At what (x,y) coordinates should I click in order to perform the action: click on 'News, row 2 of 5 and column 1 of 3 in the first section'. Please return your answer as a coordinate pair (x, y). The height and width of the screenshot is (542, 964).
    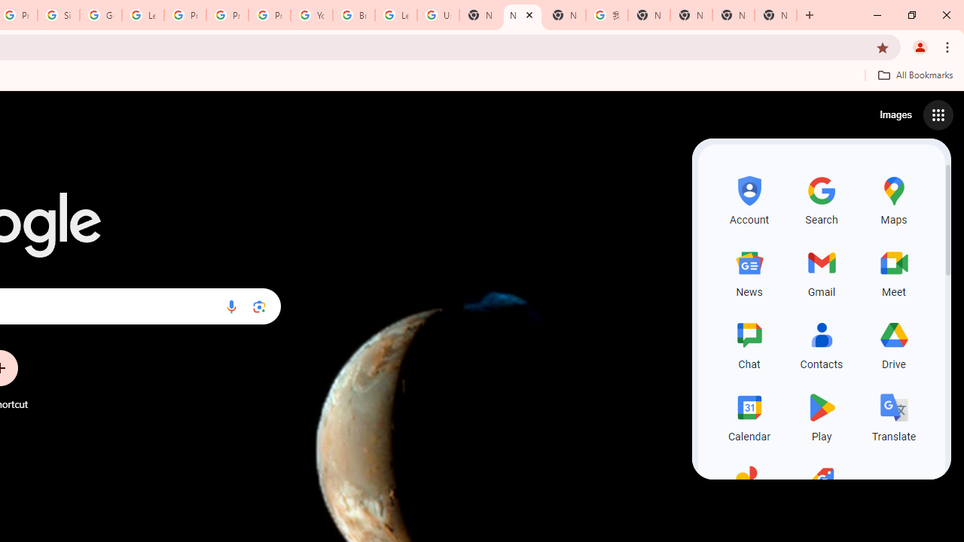
    Looking at the image, I should click on (749, 271).